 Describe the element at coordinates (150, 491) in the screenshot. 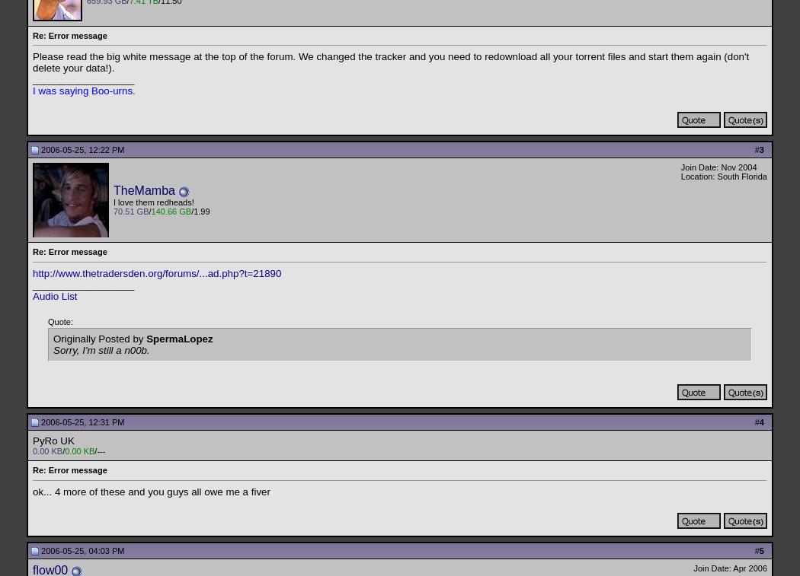

I see `'ok... 4 more of these and you guys all owe me a fiver'` at that location.